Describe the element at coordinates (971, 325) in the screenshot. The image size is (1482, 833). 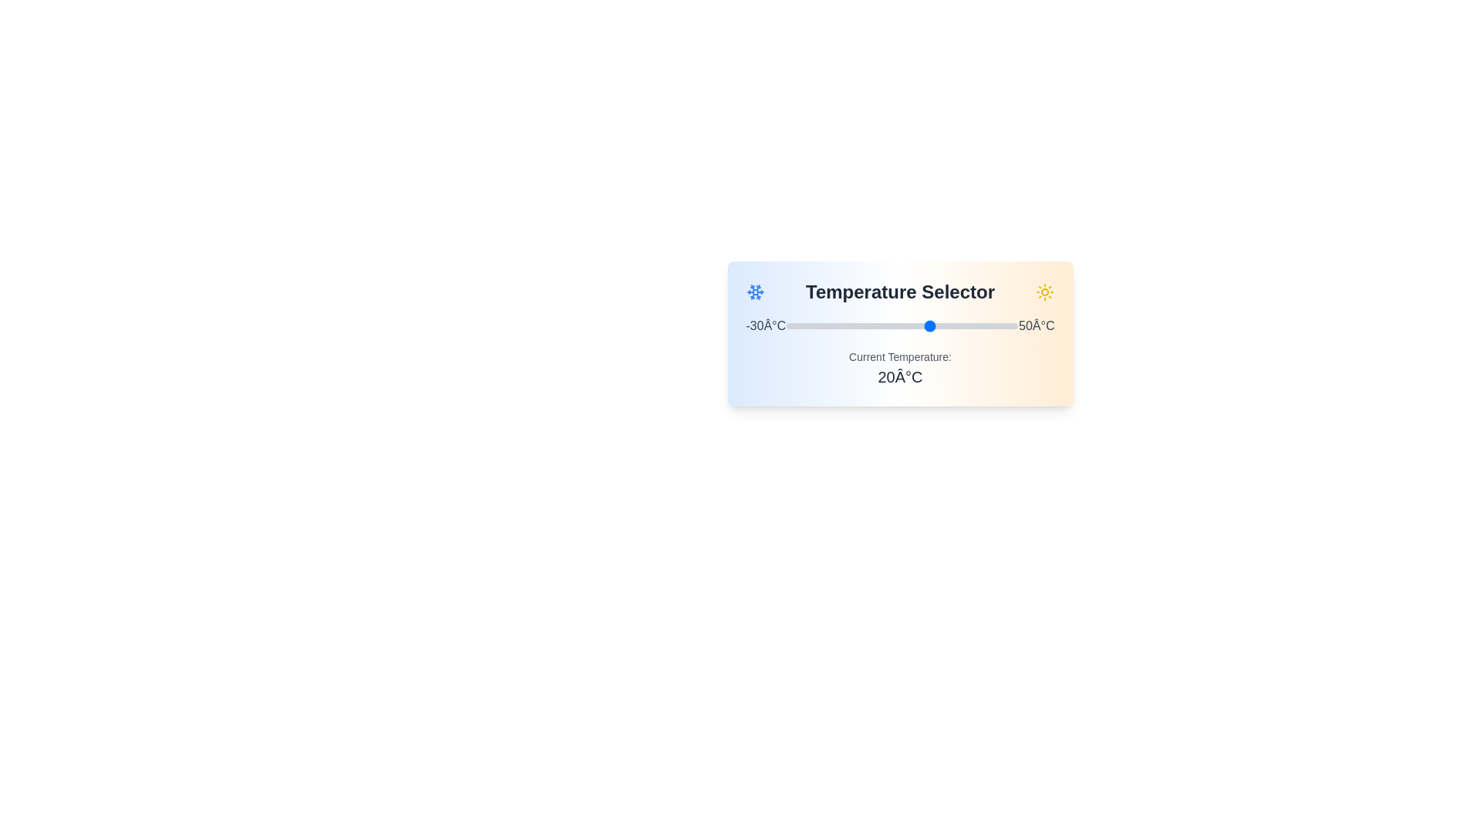
I see `the temperature` at that location.